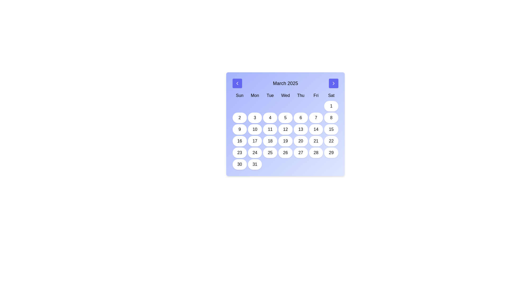 This screenshot has height=286, width=508. I want to click on the circular button displaying the number '18' in the March 2025 calendar grid, so click(270, 141).